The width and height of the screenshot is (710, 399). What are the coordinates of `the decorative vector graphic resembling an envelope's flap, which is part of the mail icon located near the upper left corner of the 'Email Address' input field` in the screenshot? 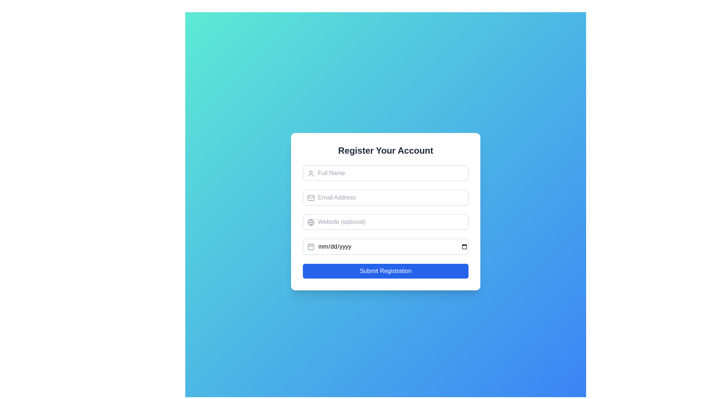 It's located at (311, 197).